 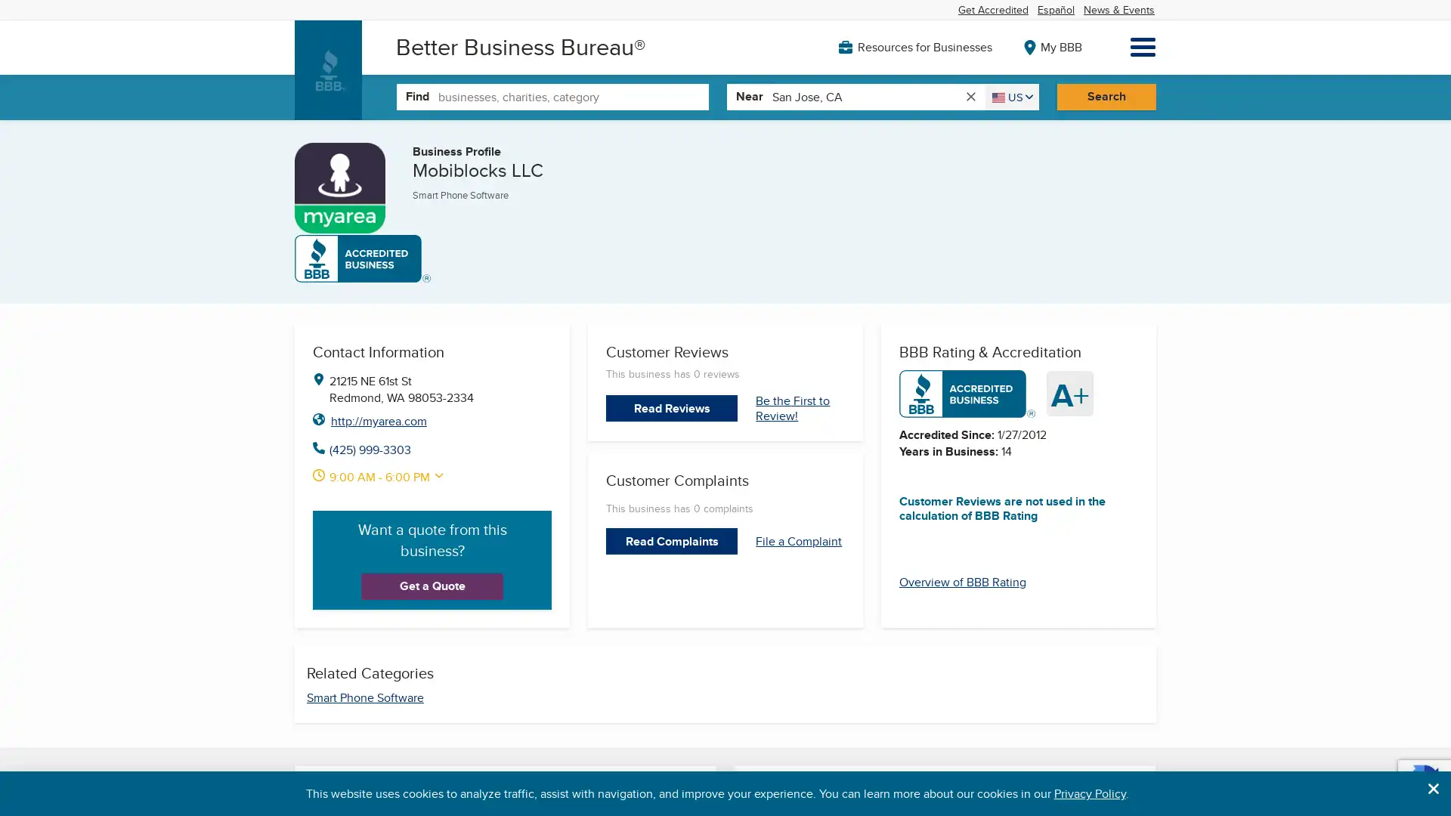 What do you see at coordinates (1106, 96) in the screenshot?
I see `Search` at bounding box center [1106, 96].